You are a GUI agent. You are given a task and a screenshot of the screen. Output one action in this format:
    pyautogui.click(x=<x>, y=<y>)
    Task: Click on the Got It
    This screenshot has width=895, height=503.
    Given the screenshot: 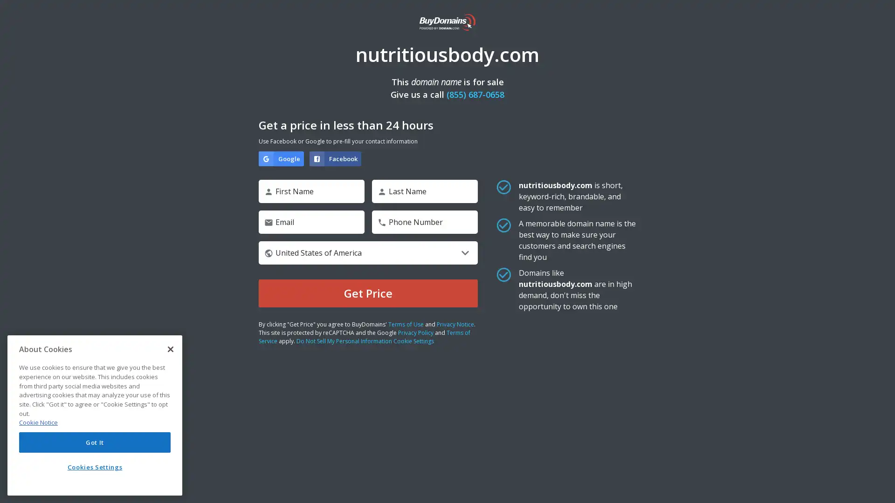 What is the action you would take?
    pyautogui.click(x=95, y=442)
    